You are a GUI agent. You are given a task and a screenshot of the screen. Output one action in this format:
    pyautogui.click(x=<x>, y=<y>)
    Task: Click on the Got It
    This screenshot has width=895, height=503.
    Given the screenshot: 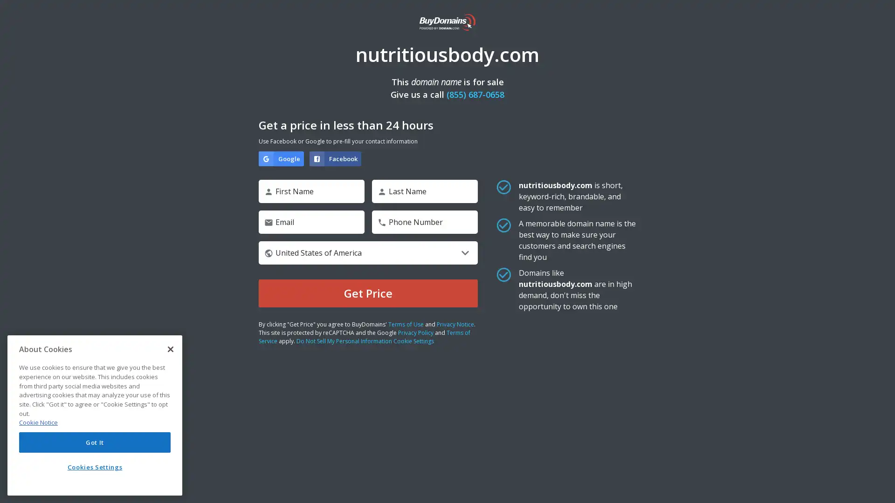 What is the action you would take?
    pyautogui.click(x=95, y=442)
    